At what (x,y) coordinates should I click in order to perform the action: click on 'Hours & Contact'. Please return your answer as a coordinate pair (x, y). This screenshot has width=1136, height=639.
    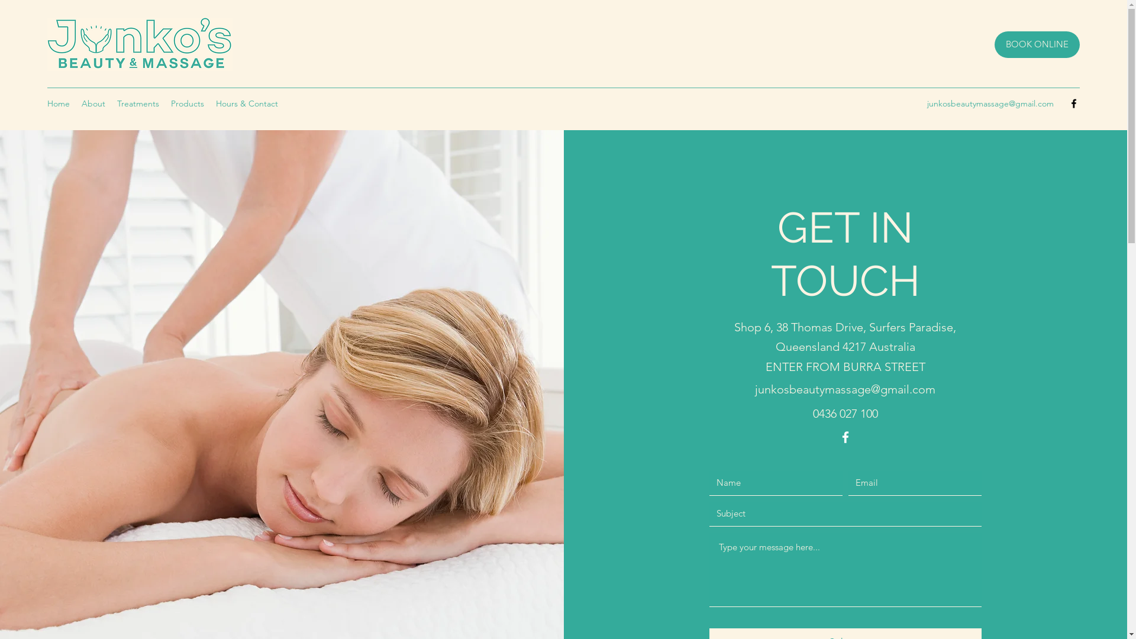
    Looking at the image, I should click on (246, 102).